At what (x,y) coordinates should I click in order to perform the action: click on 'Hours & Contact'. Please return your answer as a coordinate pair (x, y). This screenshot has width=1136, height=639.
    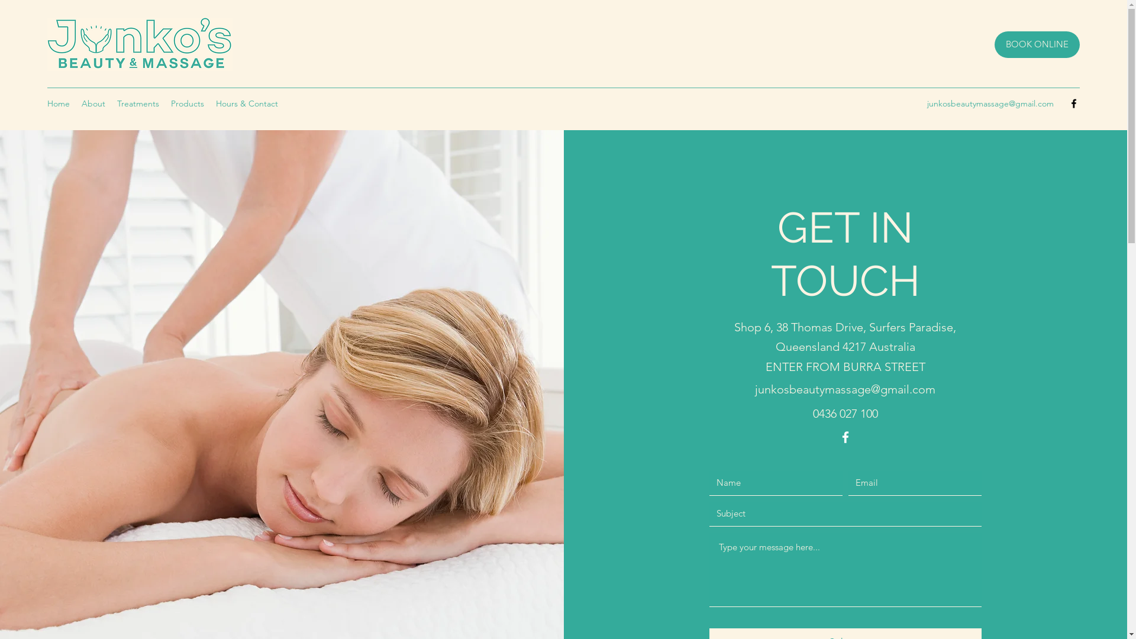
    Looking at the image, I should click on (246, 102).